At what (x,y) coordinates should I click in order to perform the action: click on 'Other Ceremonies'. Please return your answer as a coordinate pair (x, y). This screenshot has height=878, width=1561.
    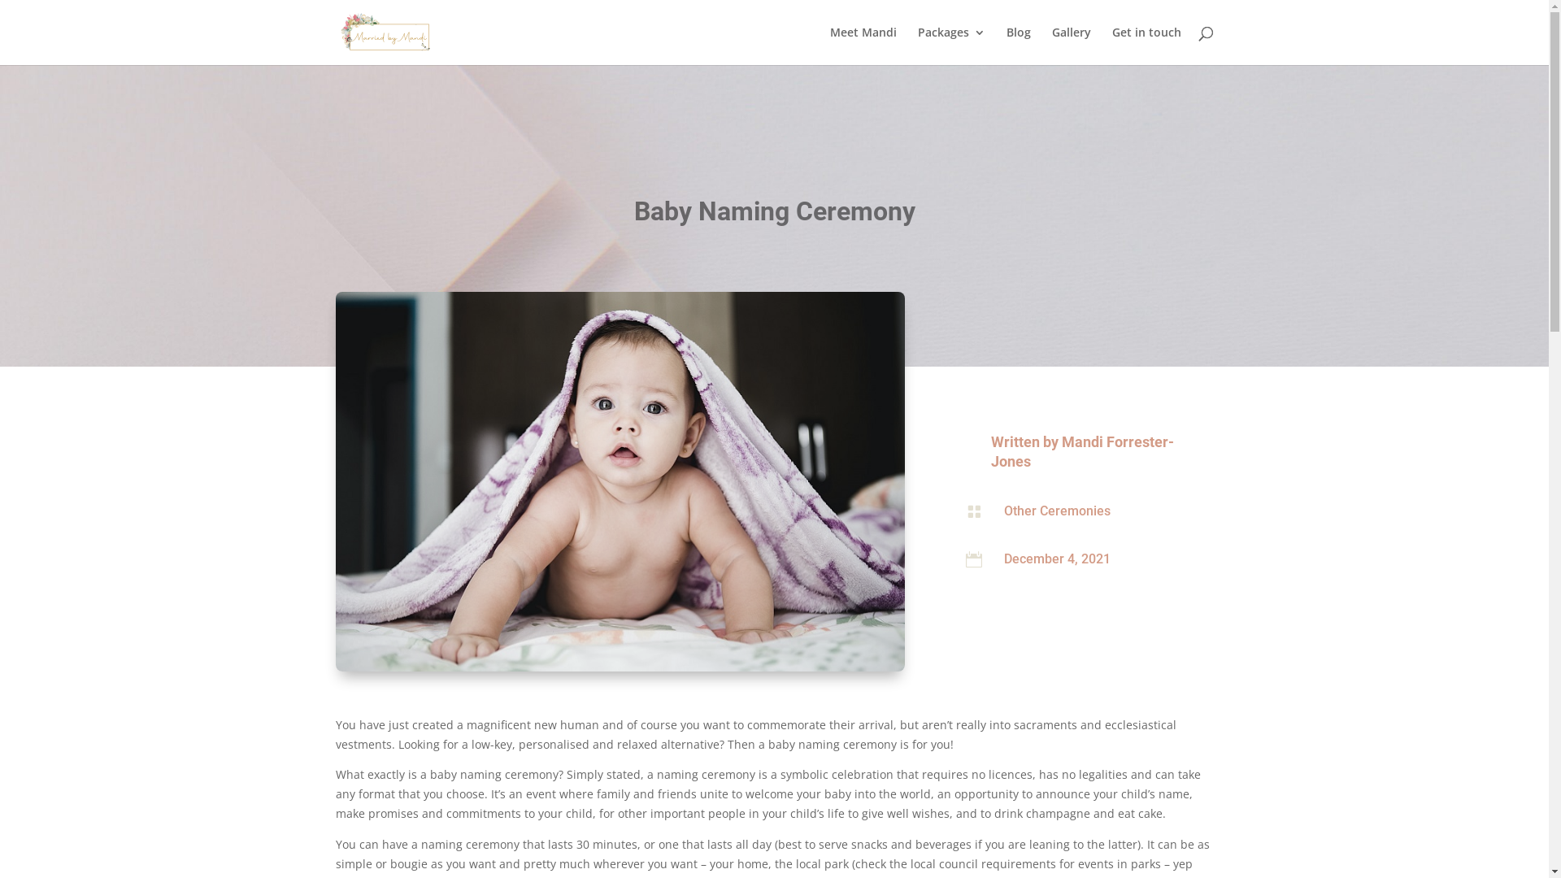
    Looking at the image, I should click on (1057, 510).